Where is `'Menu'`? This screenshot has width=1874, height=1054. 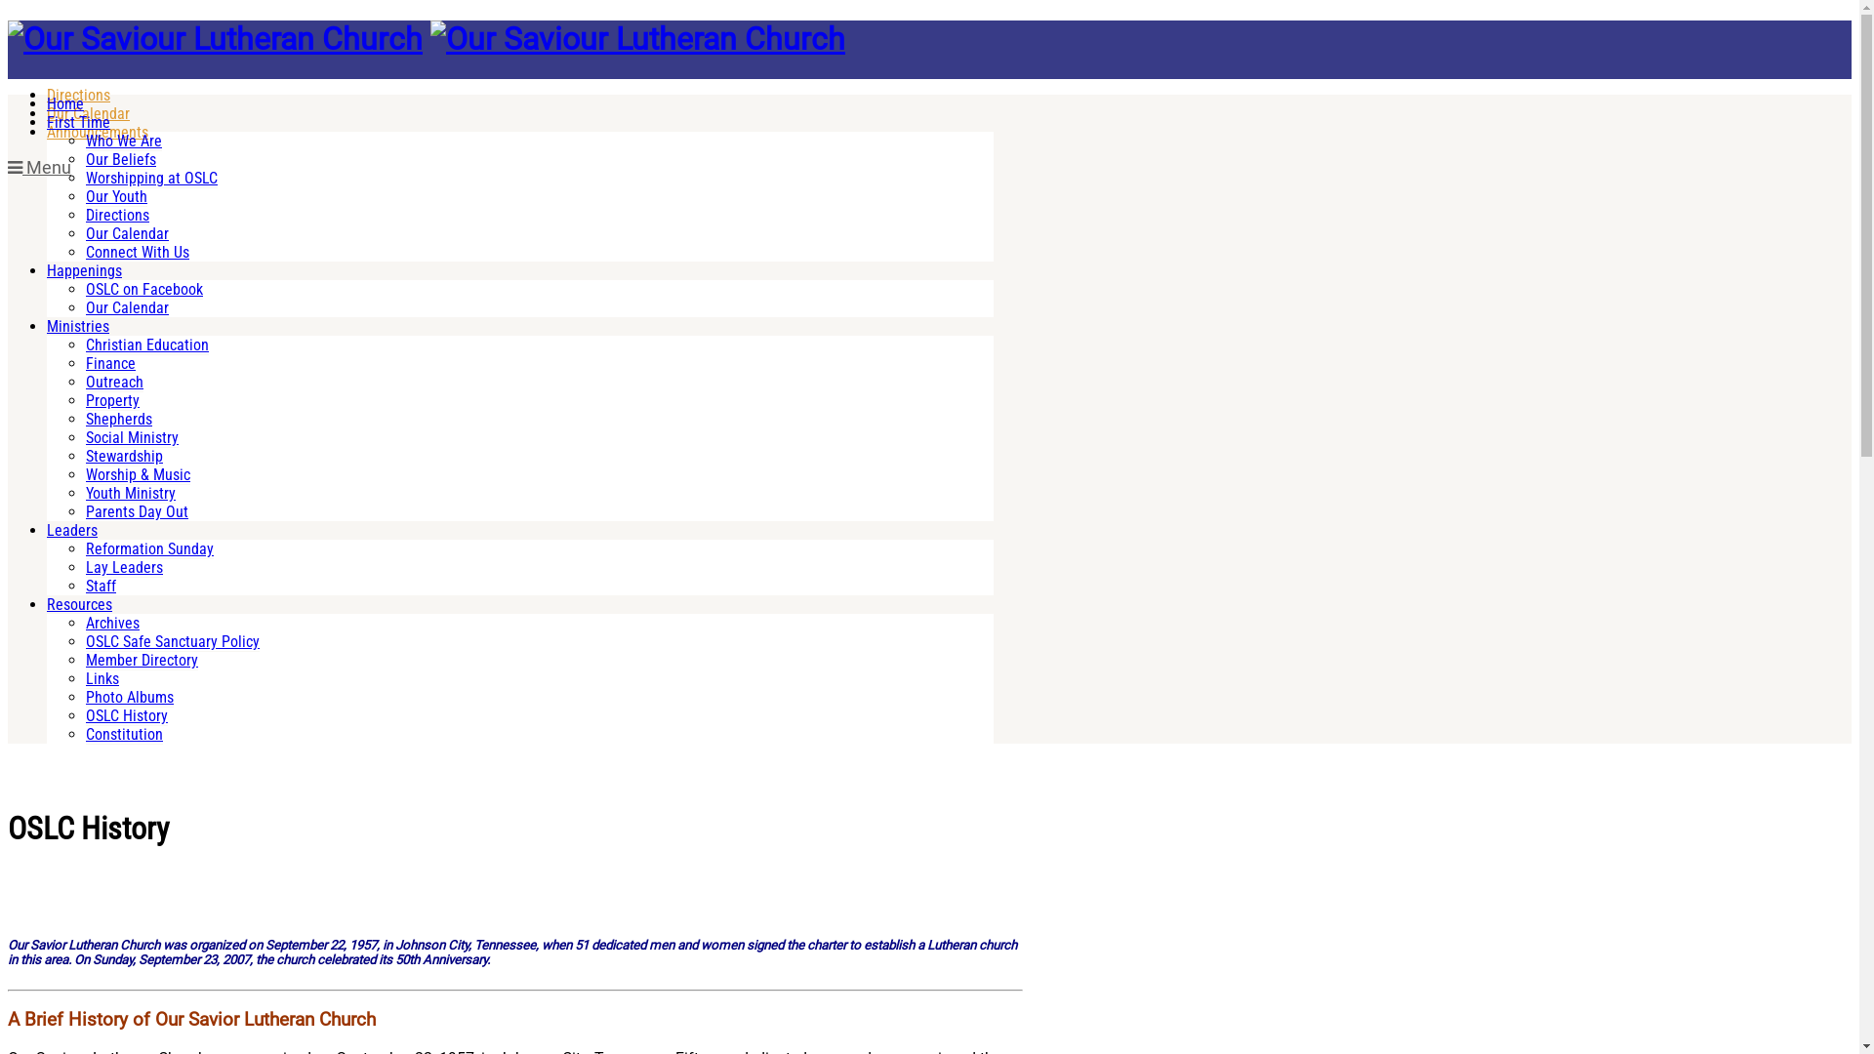 'Menu' is located at coordinates (39, 166).